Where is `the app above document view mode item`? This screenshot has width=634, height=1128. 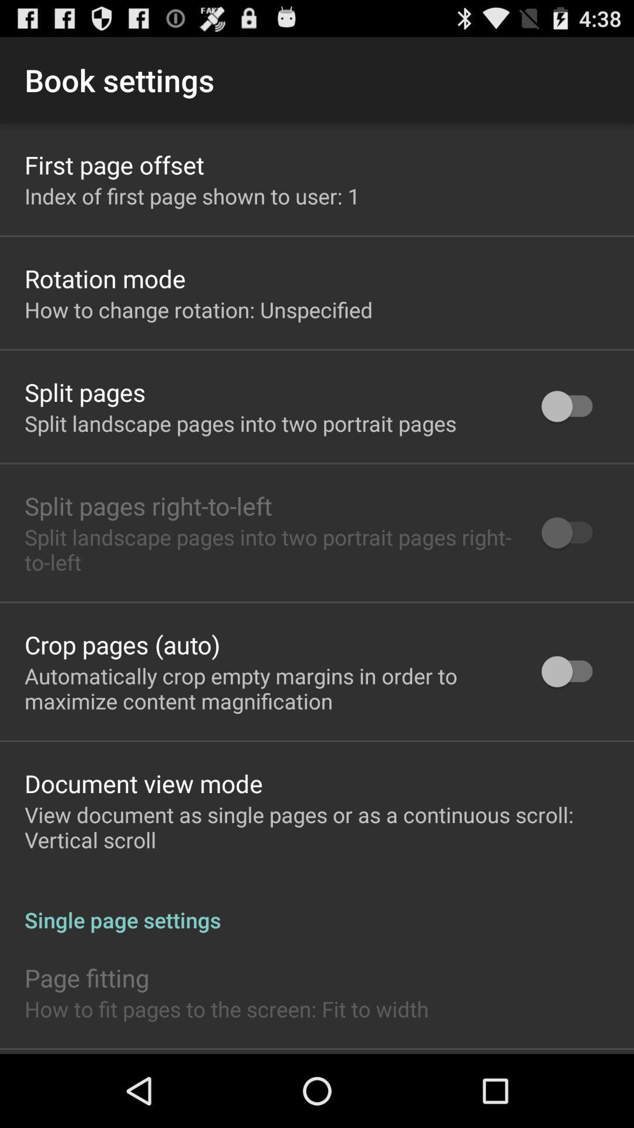 the app above document view mode item is located at coordinates (268, 688).